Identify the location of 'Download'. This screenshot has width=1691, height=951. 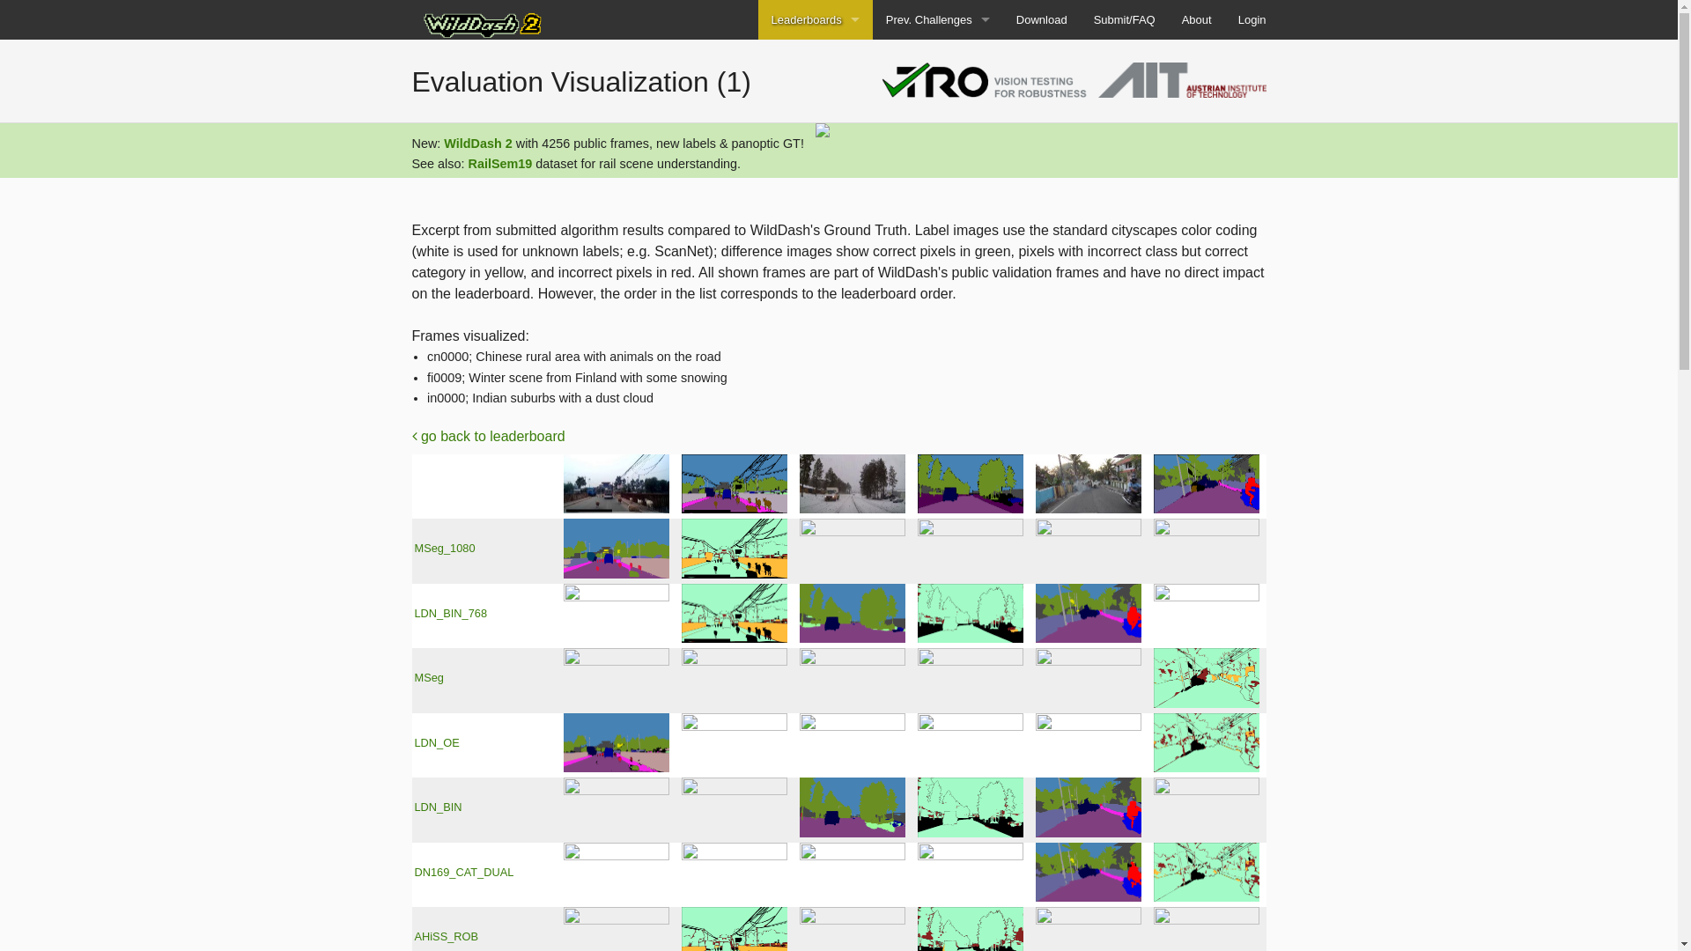
(1041, 19).